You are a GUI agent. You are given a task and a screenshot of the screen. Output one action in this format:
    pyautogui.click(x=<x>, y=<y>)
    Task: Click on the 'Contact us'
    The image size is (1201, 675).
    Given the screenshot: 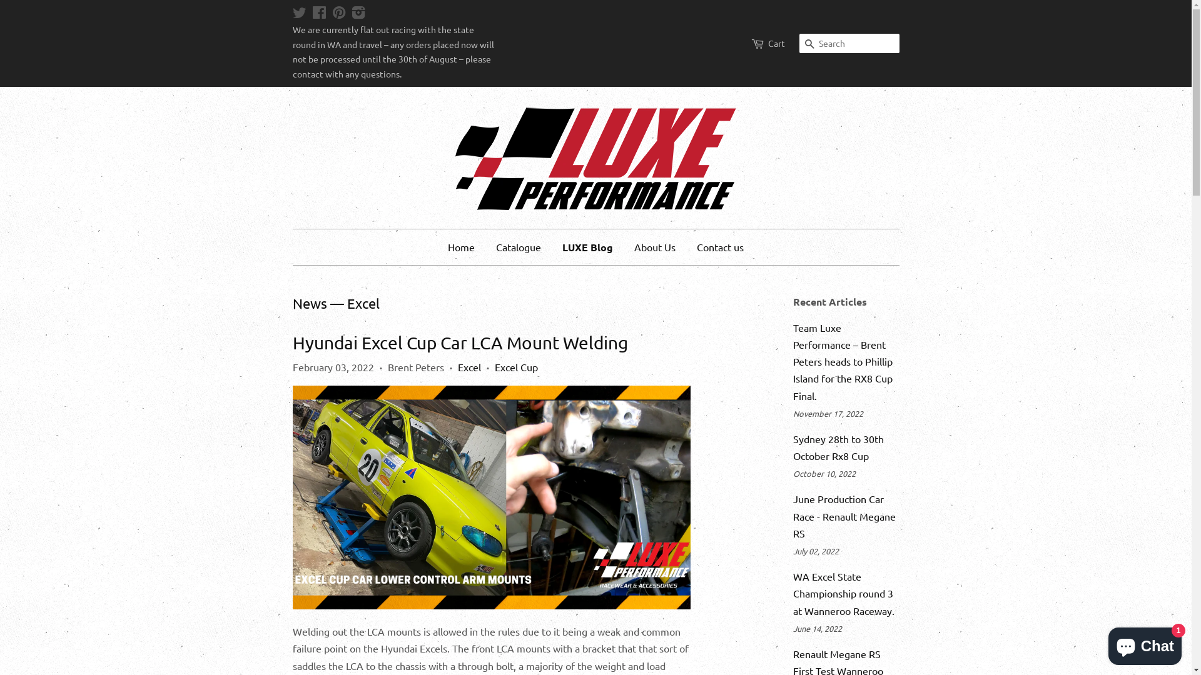 What is the action you would take?
    pyautogui.click(x=715, y=247)
    